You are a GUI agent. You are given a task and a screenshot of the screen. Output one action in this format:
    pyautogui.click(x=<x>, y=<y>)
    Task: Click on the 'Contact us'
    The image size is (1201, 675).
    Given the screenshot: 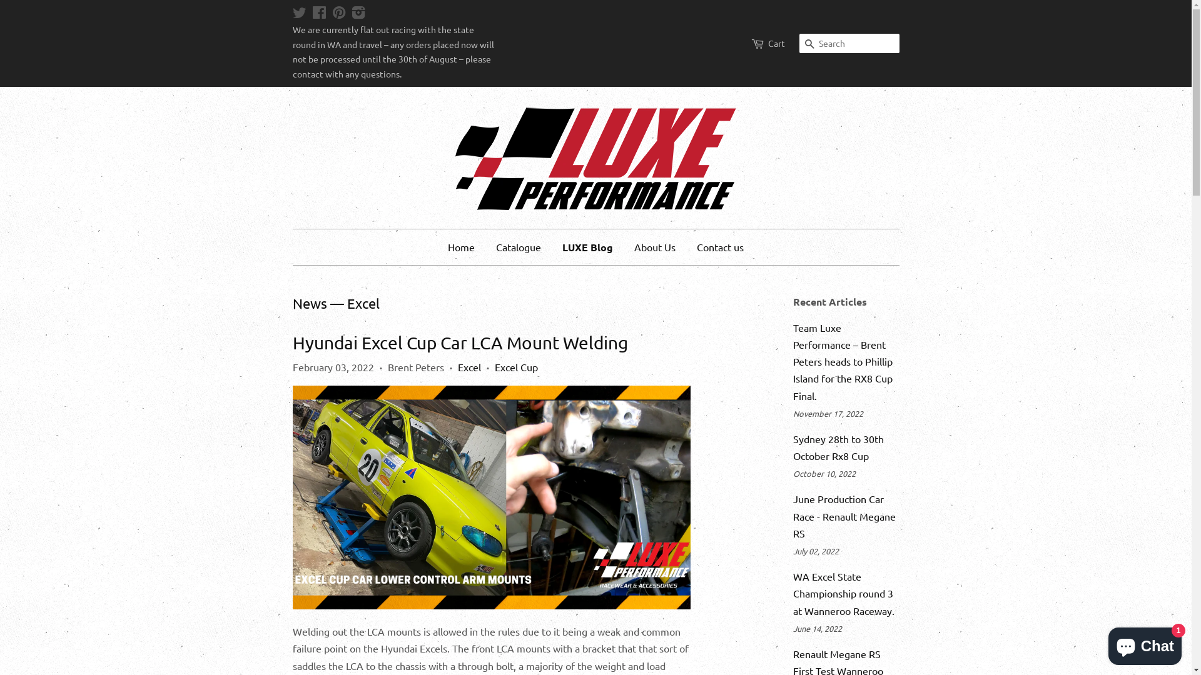 What is the action you would take?
    pyautogui.click(x=715, y=247)
    